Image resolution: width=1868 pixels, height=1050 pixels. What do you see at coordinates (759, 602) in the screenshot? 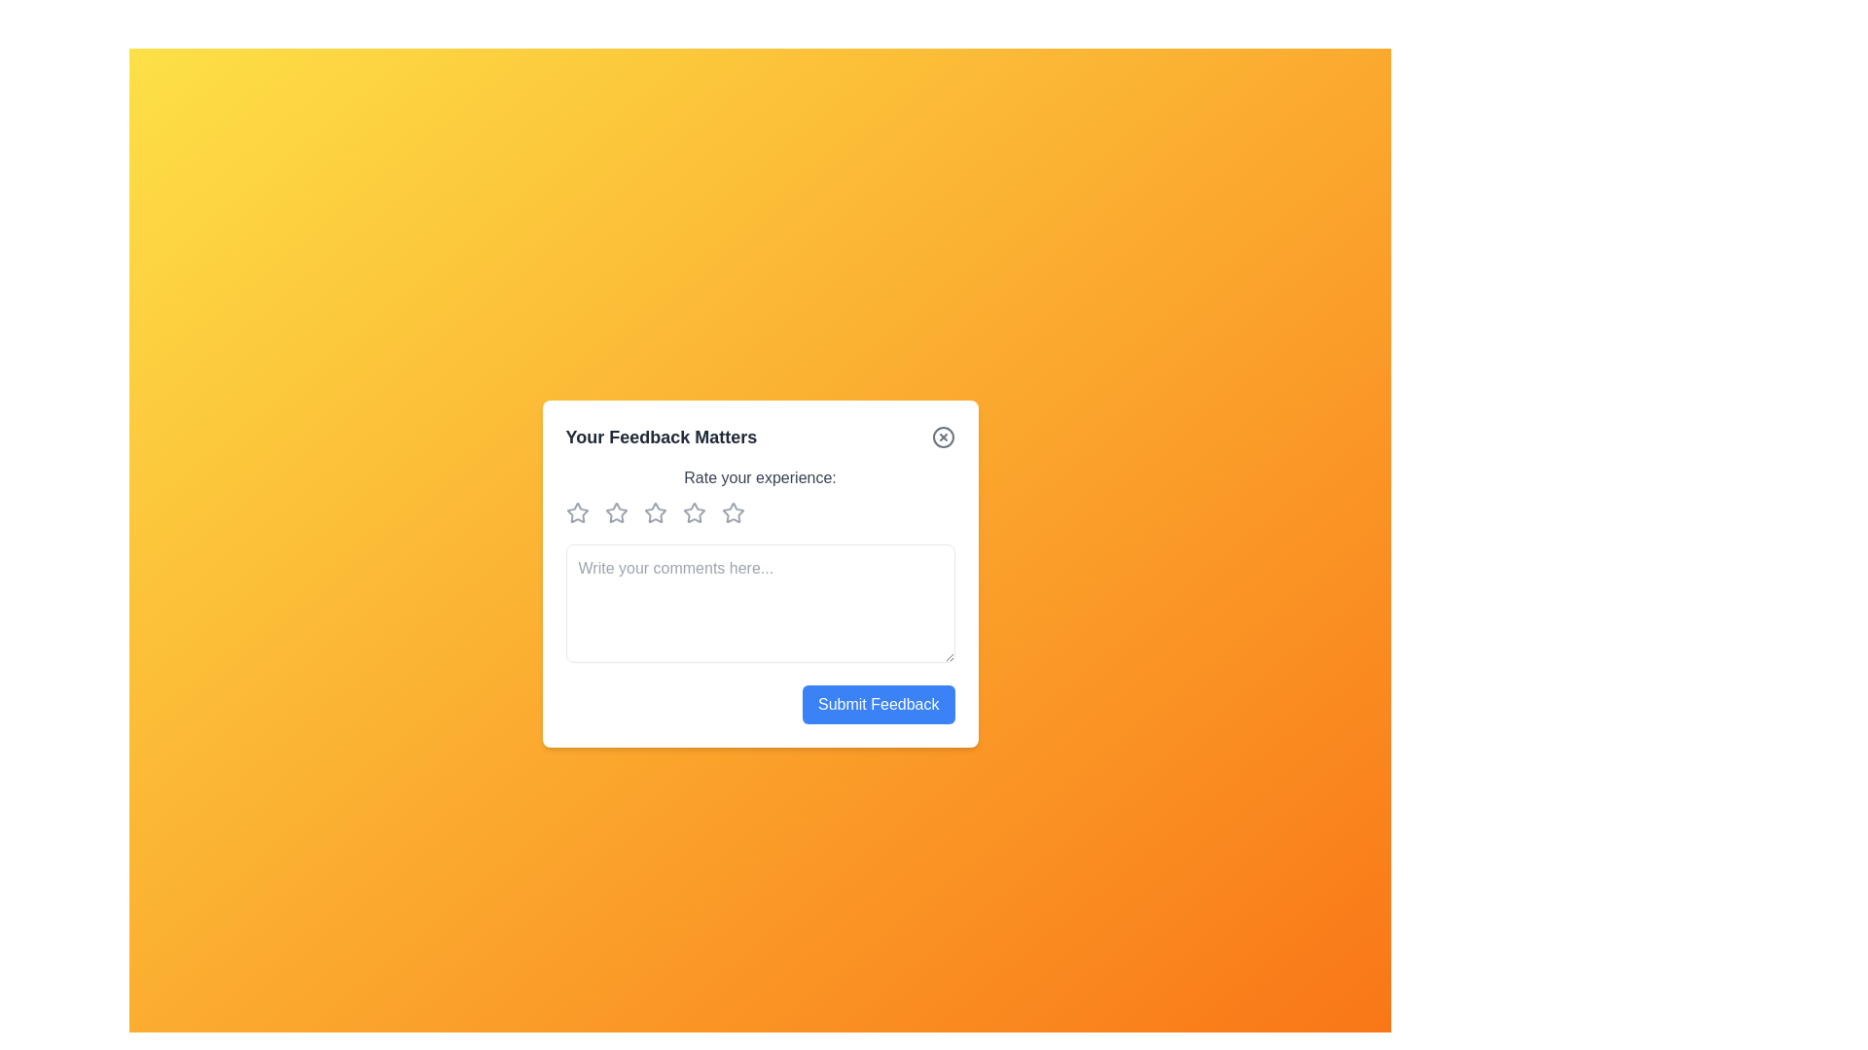
I see `the text area and type the comment` at bounding box center [759, 602].